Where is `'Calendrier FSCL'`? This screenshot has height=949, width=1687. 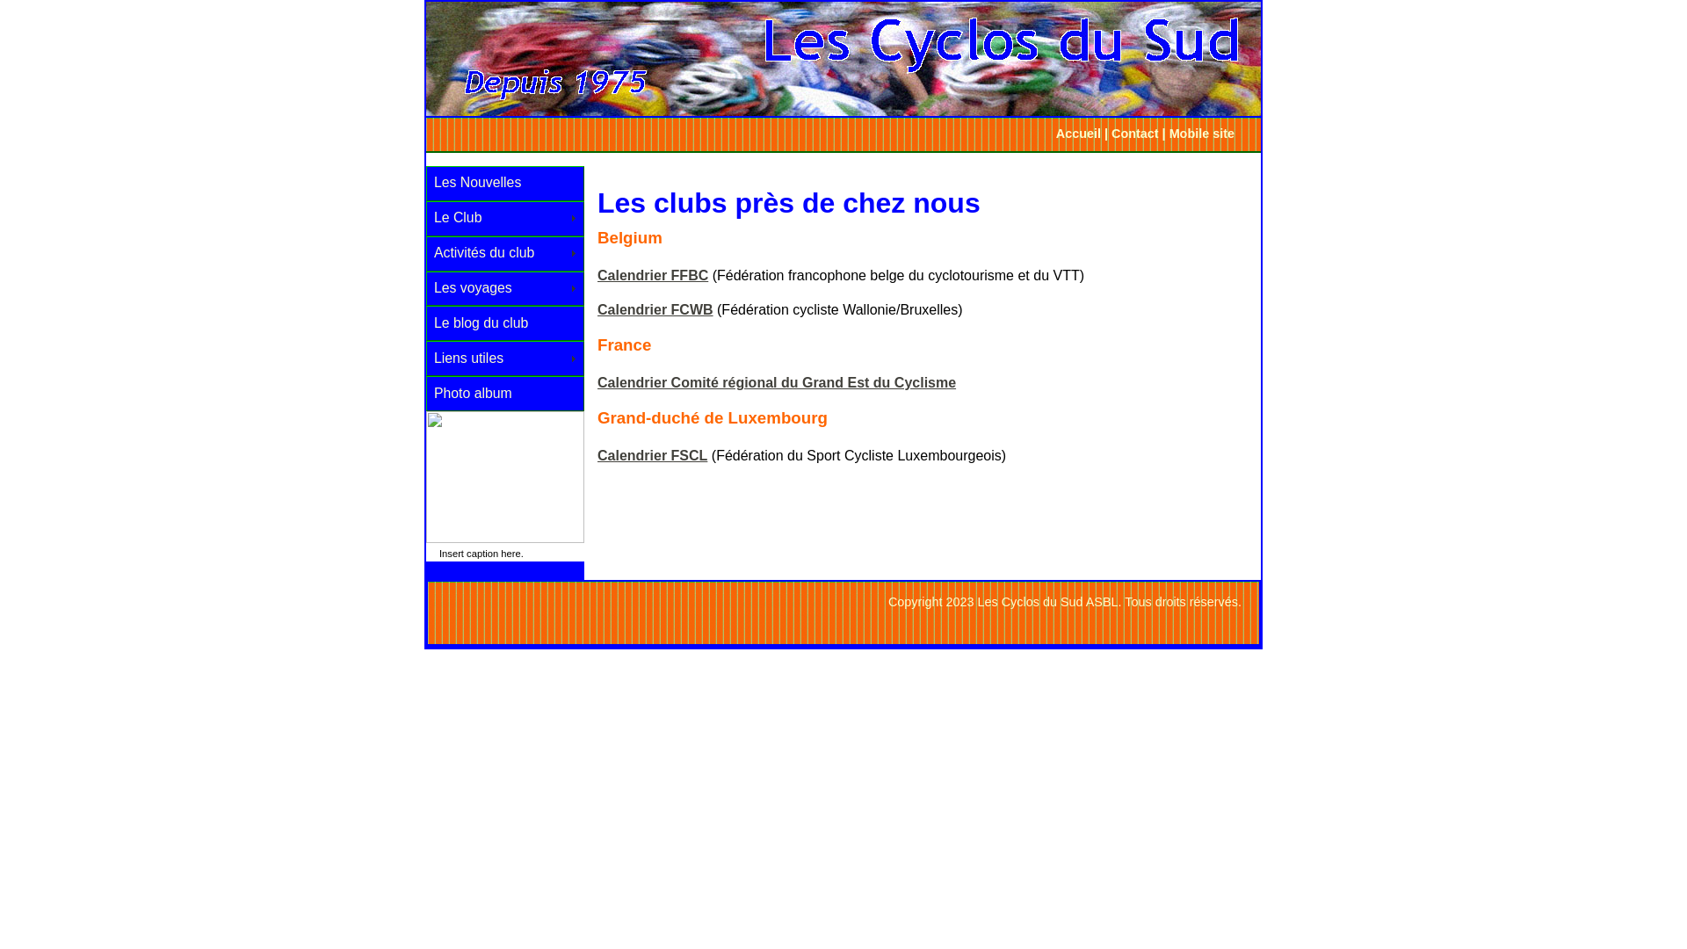
'Calendrier FSCL' is located at coordinates (651, 454).